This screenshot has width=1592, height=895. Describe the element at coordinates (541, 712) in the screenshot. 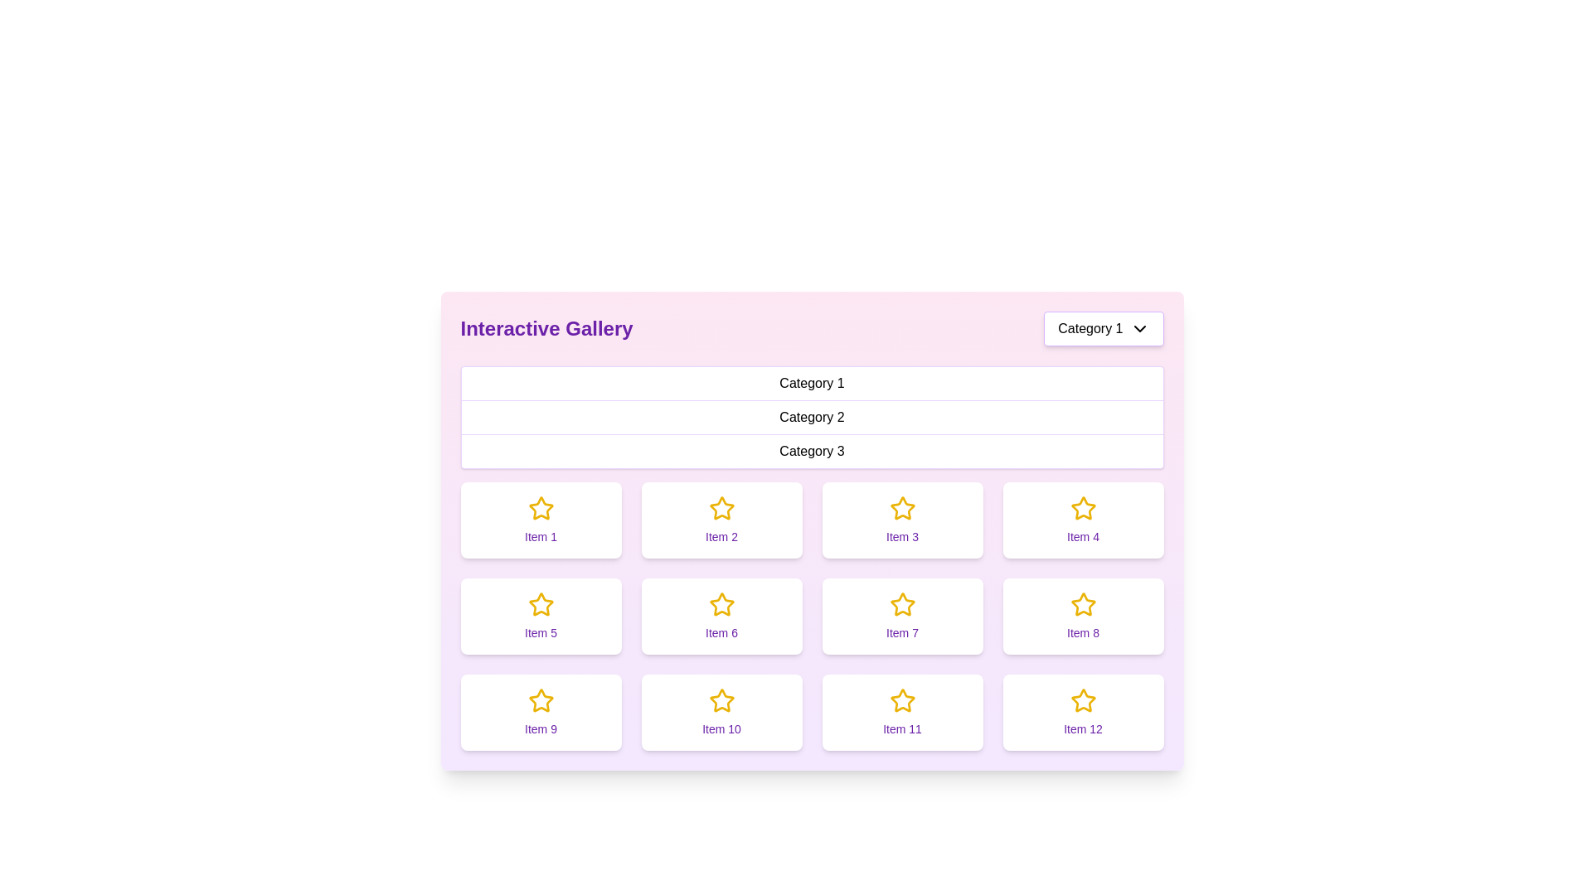

I see `the item display card located in the bottom-left area of the grid, which contains an icon and text label` at that location.